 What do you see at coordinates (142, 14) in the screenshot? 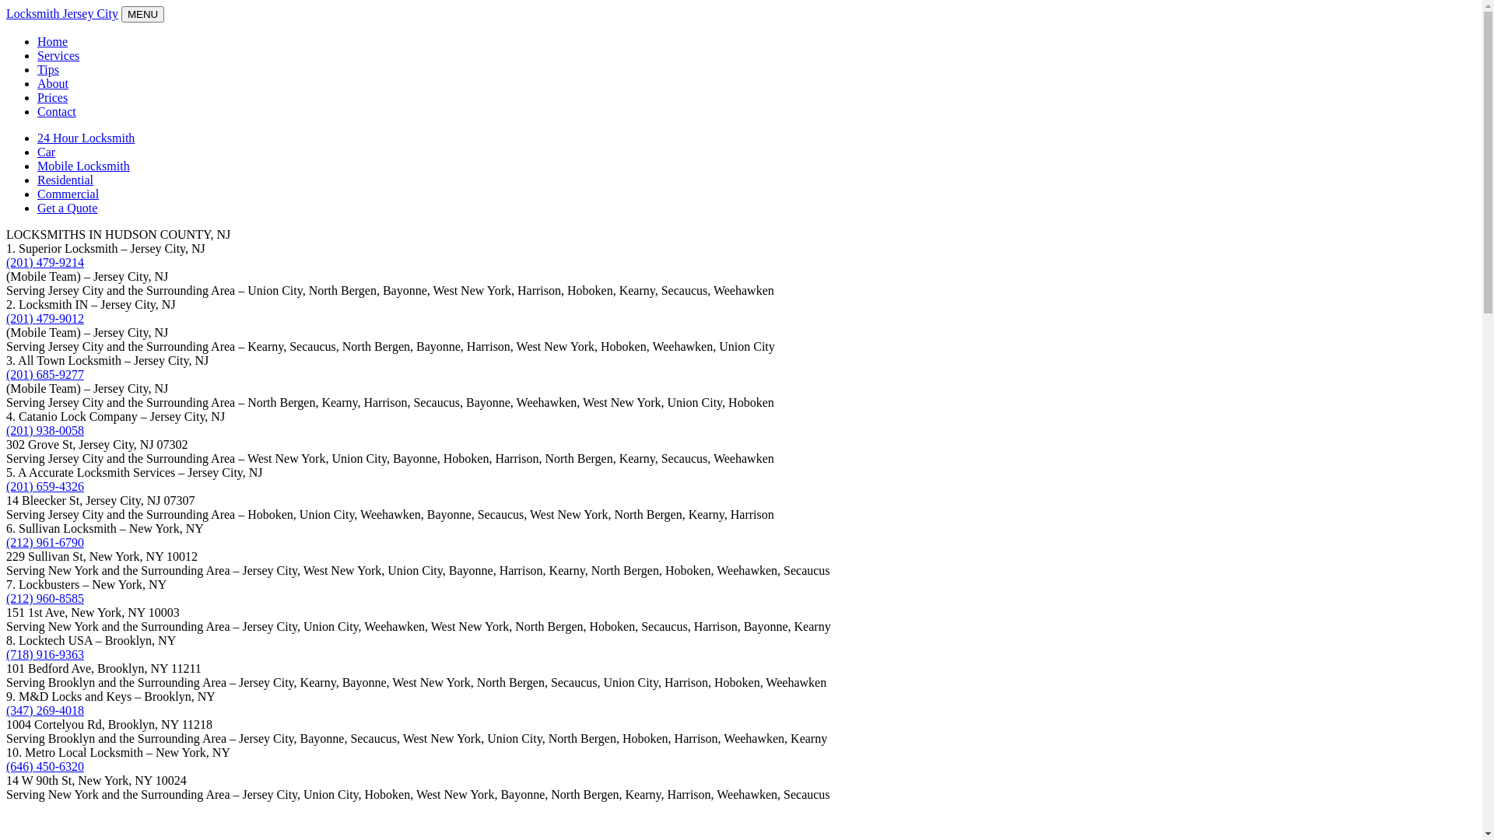
I see `'MENU'` at bounding box center [142, 14].